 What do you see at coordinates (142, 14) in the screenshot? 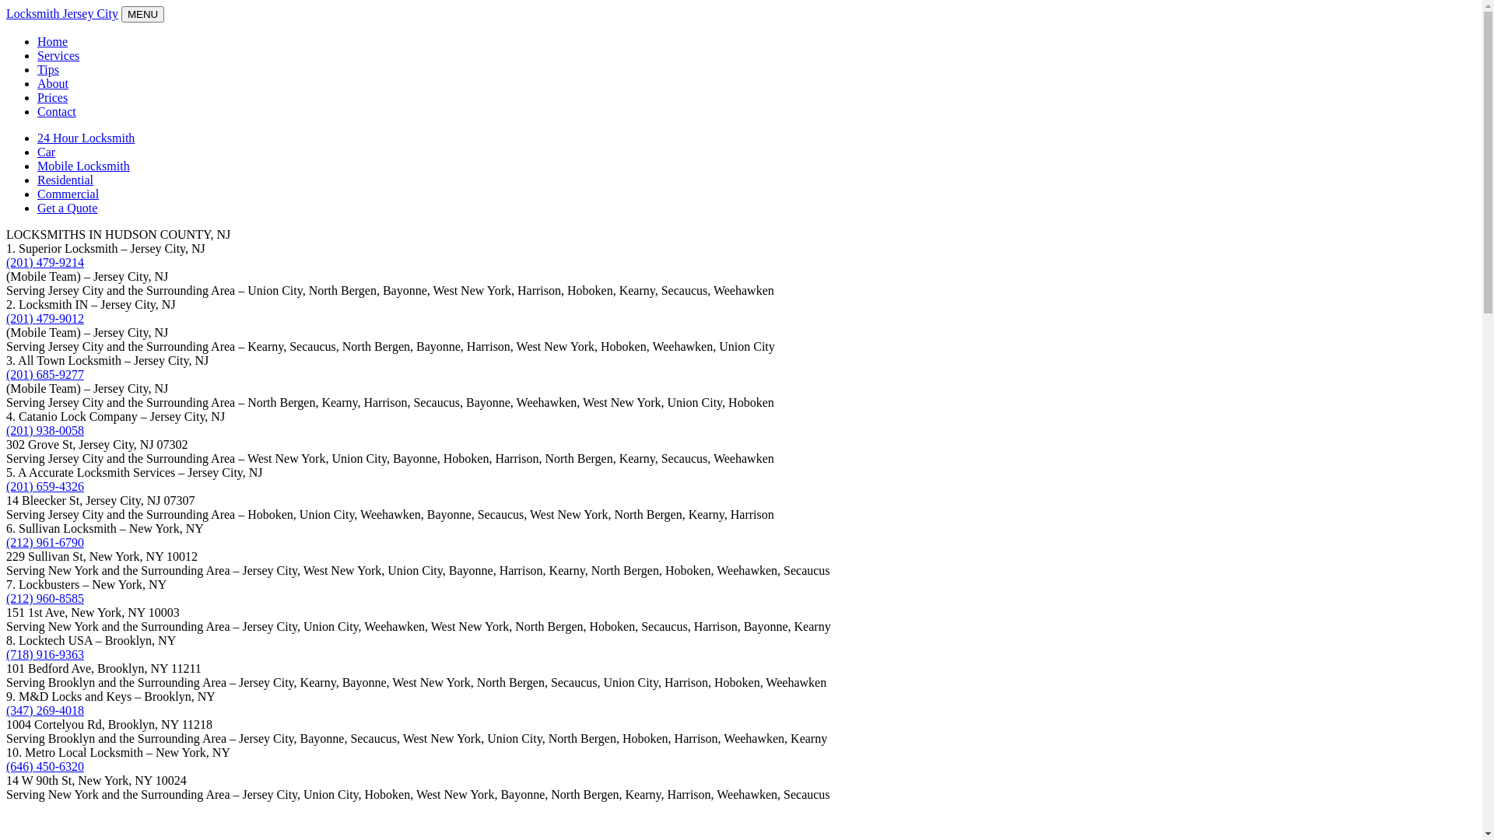
I see `'MENU'` at bounding box center [142, 14].